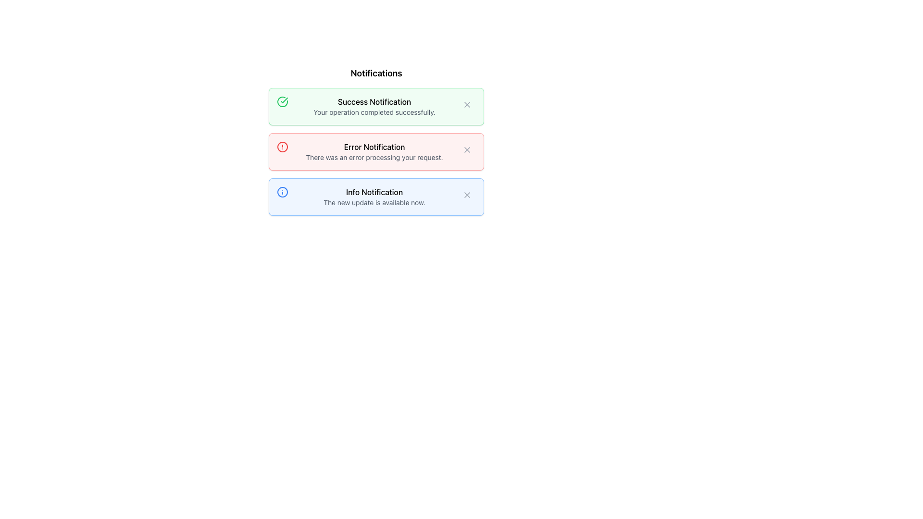 This screenshot has height=519, width=923. What do you see at coordinates (375, 107) in the screenshot?
I see `the first notification box that indicates successful completion of an operation for potential styling changes` at bounding box center [375, 107].